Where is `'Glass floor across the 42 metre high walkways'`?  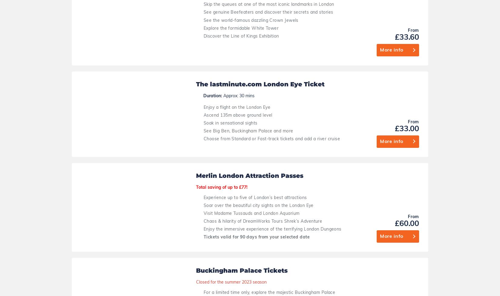 'Glass floor across the 42 metre high walkways' is located at coordinates (252, 253).